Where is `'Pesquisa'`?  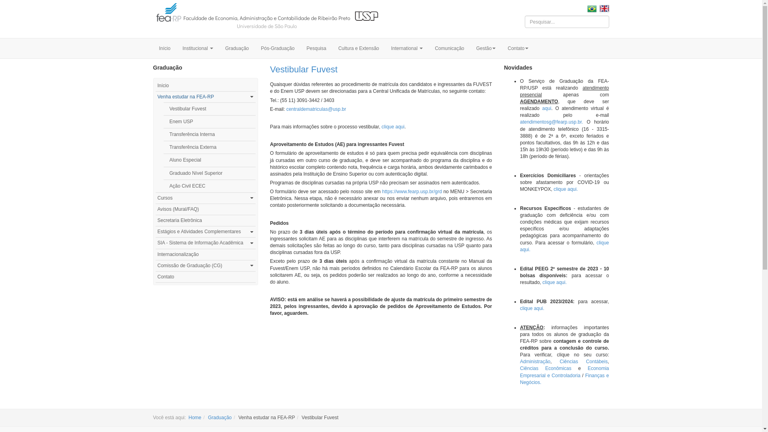 'Pesquisa' is located at coordinates (316, 48).